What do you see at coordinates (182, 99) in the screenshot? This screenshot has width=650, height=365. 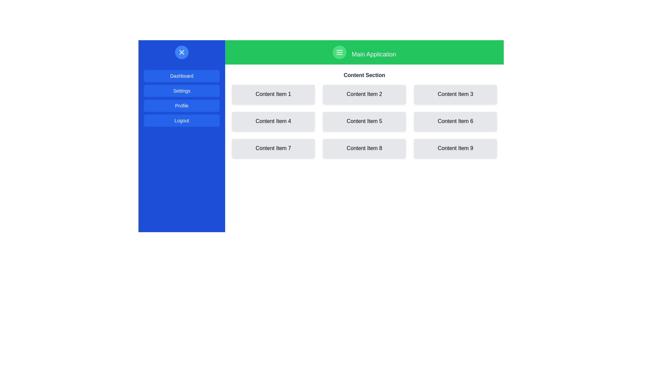 I see `the 'Profile' button in the left sidebar` at bounding box center [182, 99].